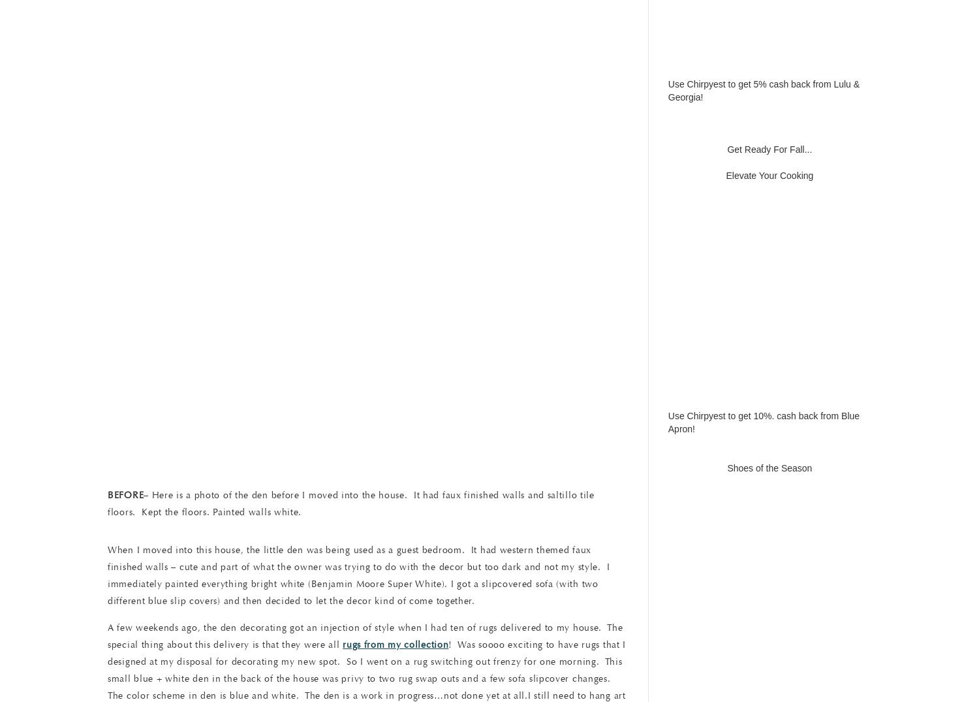 The width and height of the screenshot is (979, 702). I want to click on 'Elevate Your Cooking', so click(769, 174).